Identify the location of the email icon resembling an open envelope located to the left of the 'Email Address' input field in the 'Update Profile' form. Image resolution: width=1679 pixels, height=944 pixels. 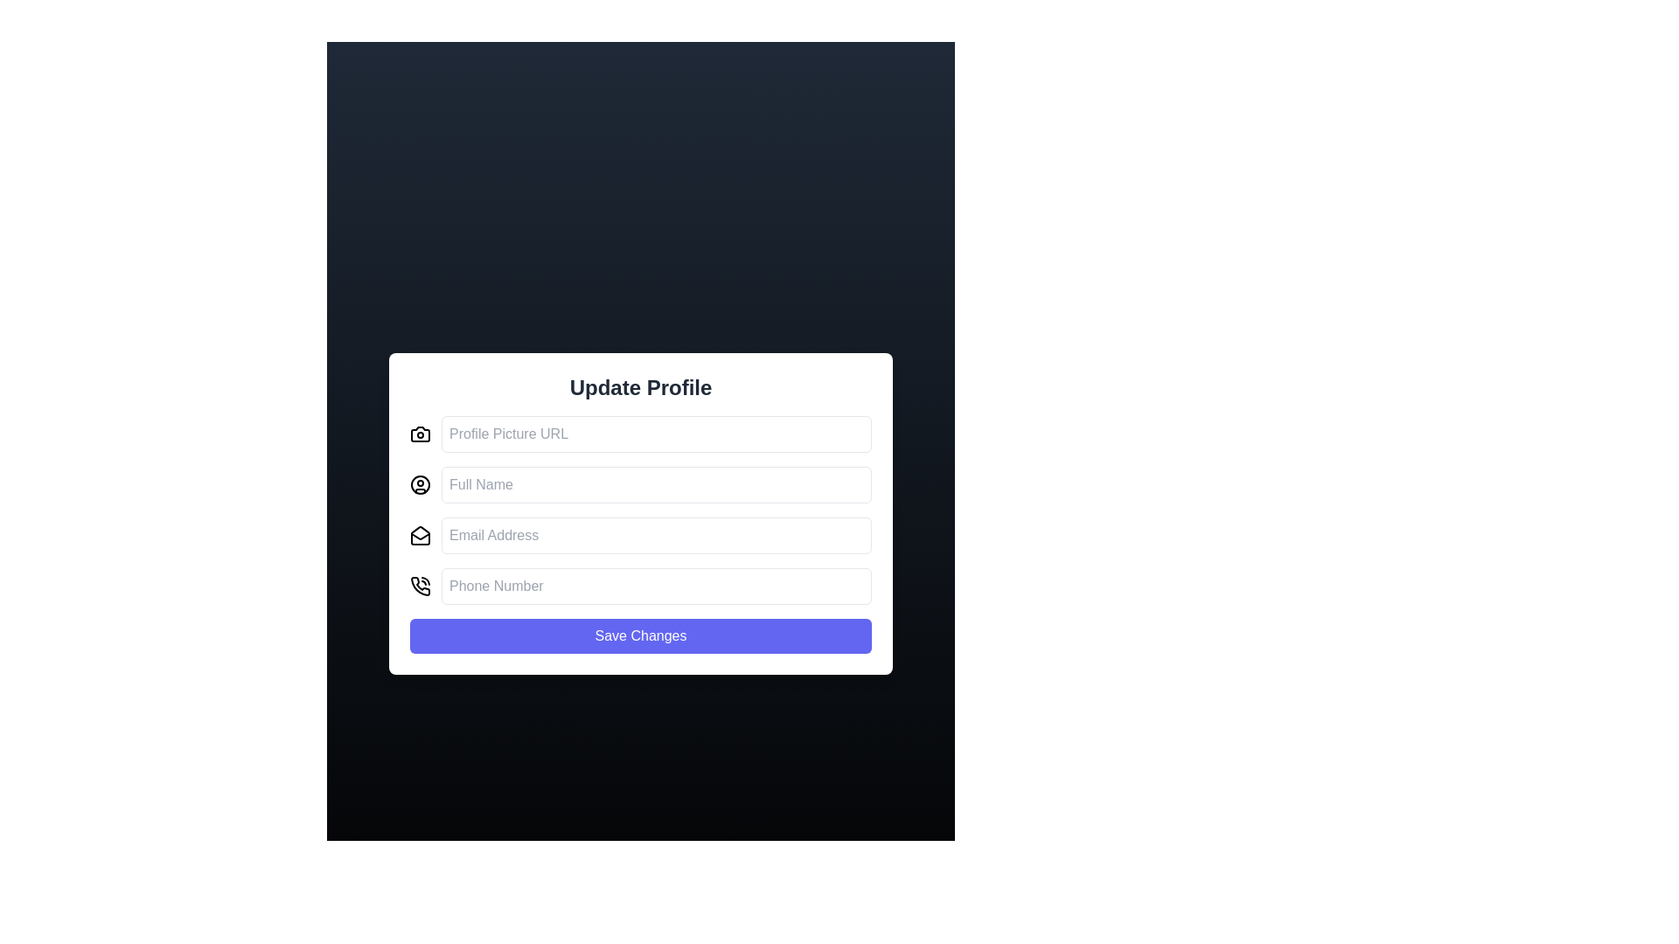
(420, 535).